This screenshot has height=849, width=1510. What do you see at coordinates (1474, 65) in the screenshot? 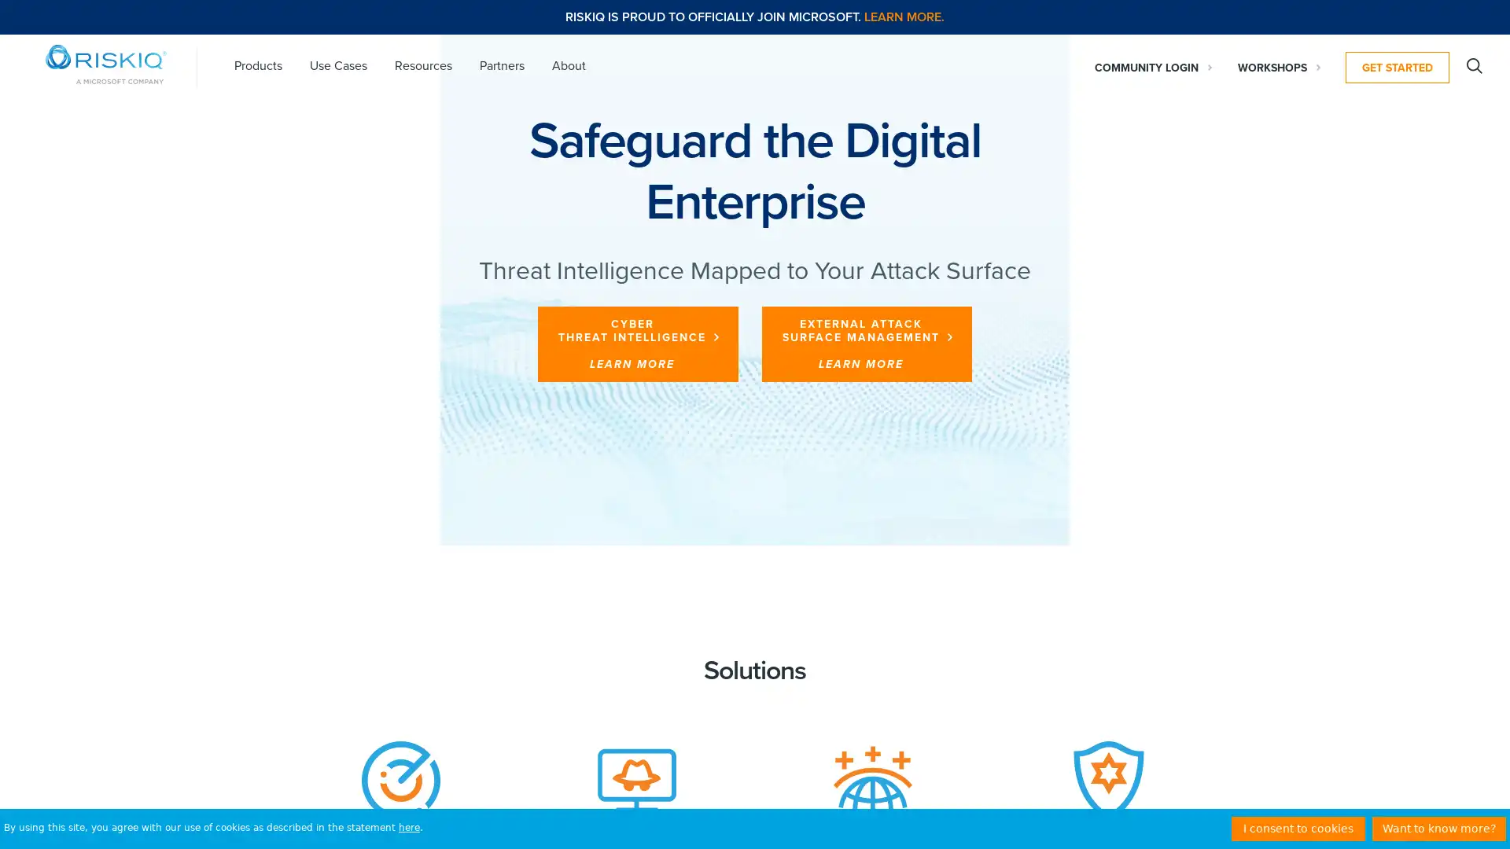
I see `Search` at bounding box center [1474, 65].